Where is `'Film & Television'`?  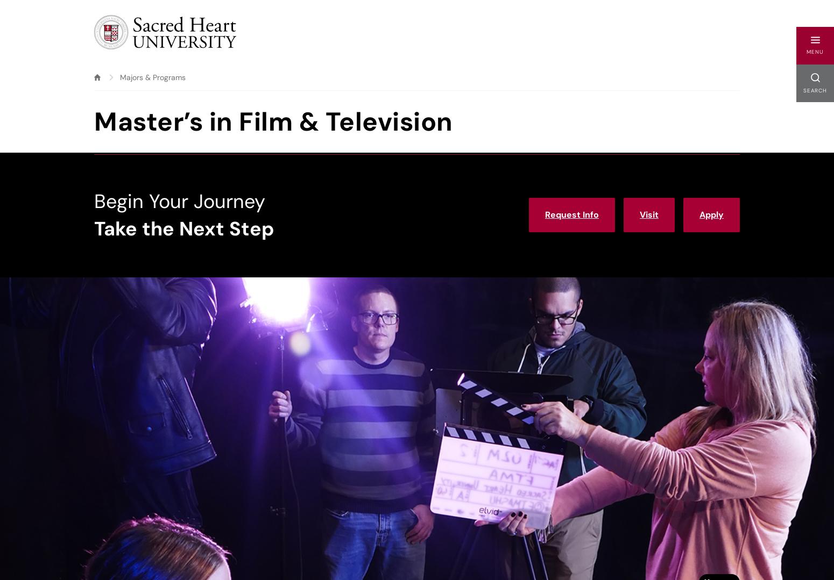 'Film & Television' is located at coordinates (169, 77).